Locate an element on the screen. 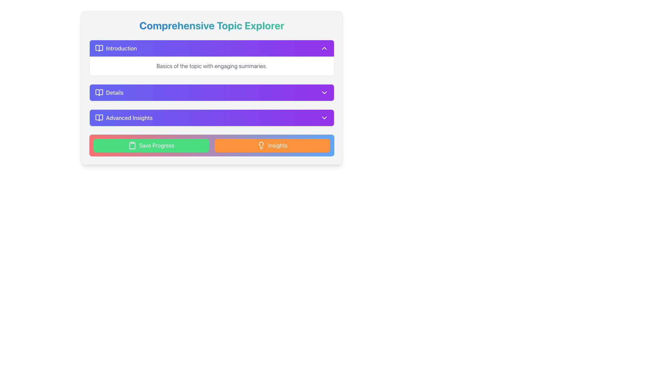 The width and height of the screenshot is (655, 368). the 'Details' button located in the second expandable section of the 'Comprehensive Topic Explorer' is located at coordinates (211, 93).